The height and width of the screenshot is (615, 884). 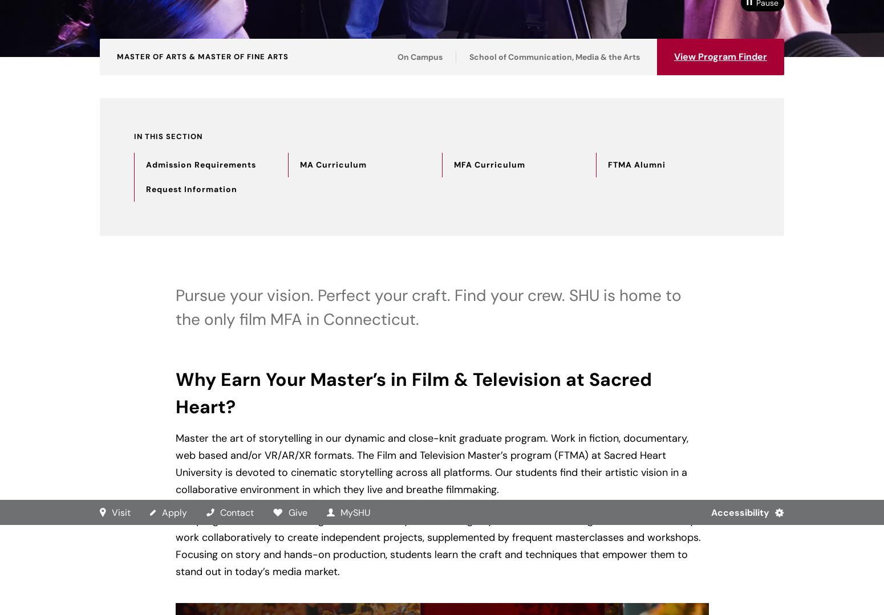 I want to click on 'Give', so click(x=297, y=512).